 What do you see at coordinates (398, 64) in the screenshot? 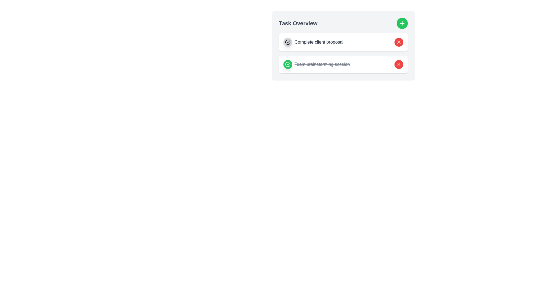
I see `the small red cross icon used for deletion, located within the task item interface next to 'Complete client proposal'` at bounding box center [398, 64].